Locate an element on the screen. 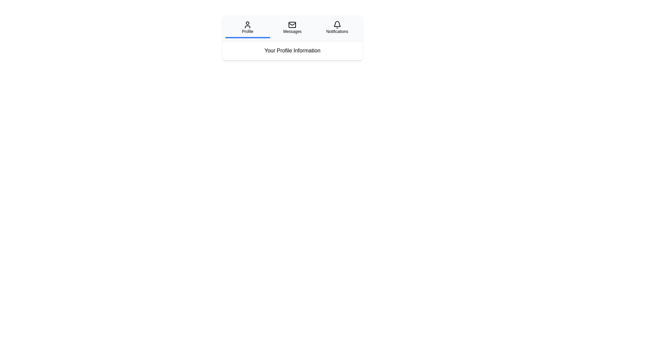 Image resolution: width=645 pixels, height=363 pixels. the visual label for the 'Messages' section, which is centrally aligned beneath an envelope icon in the second column of the layout is located at coordinates (292, 31).